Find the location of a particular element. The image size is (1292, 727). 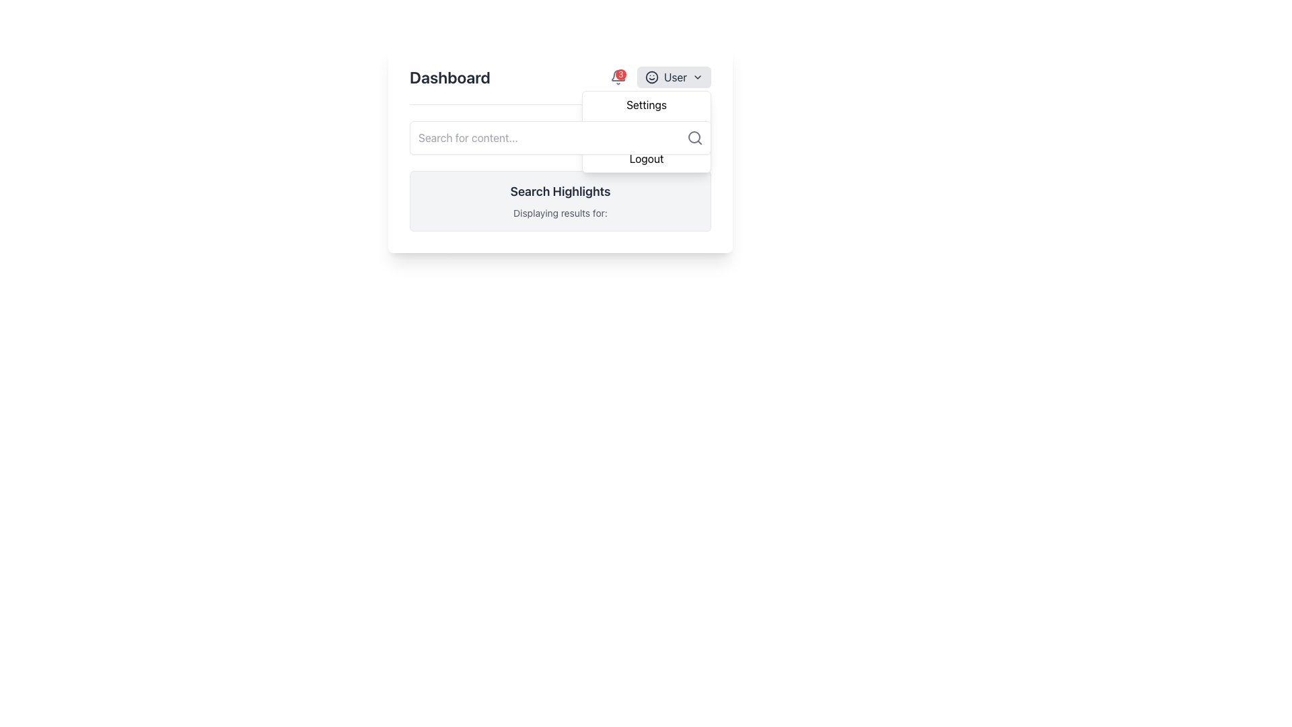

the text label reading 'Search Highlights', which is styled in a bold, large font size and dark gray color, located at the upper section of a shaded box underneath a search input field is located at coordinates (561, 192).